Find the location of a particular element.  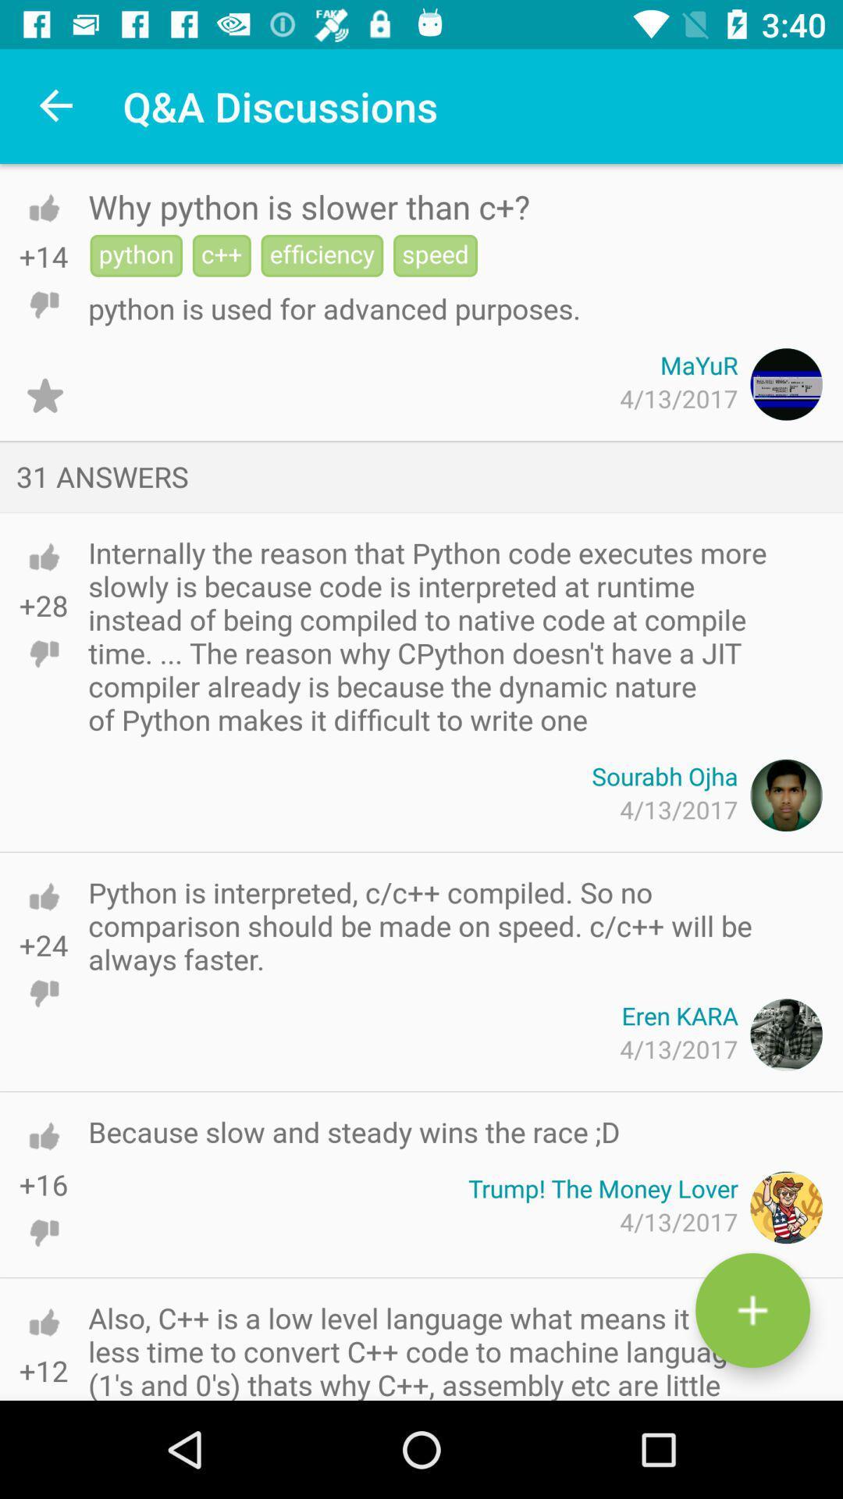

the icon below 4/13/2017 icon is located at coordinates (354, 1131).